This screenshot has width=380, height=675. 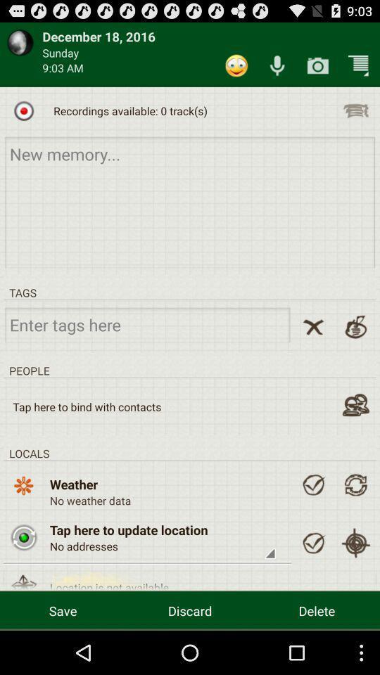 What do you see at coordinates (317, 70) in the screenshot?
I see `the photo icon` at bounding box center [317, 70].